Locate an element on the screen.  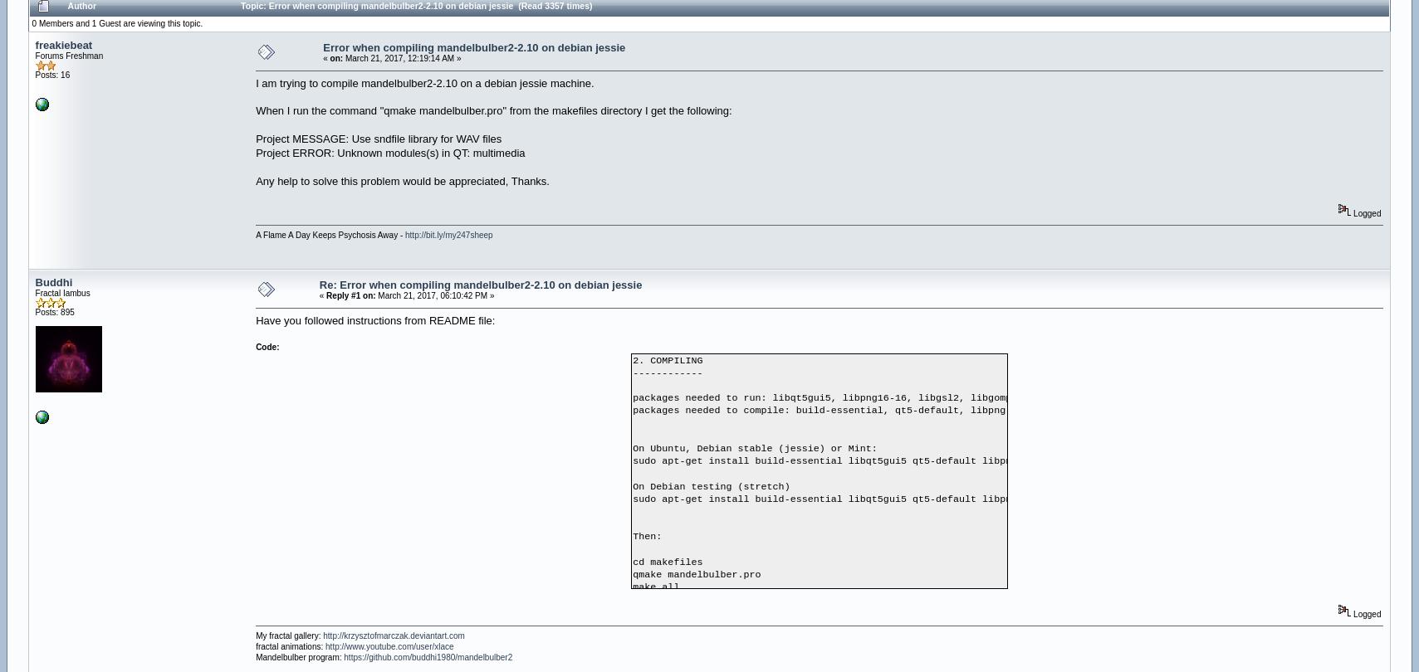
'March 21, 2017, 06:10:42 PM »' is located at coordinates (433, 294).